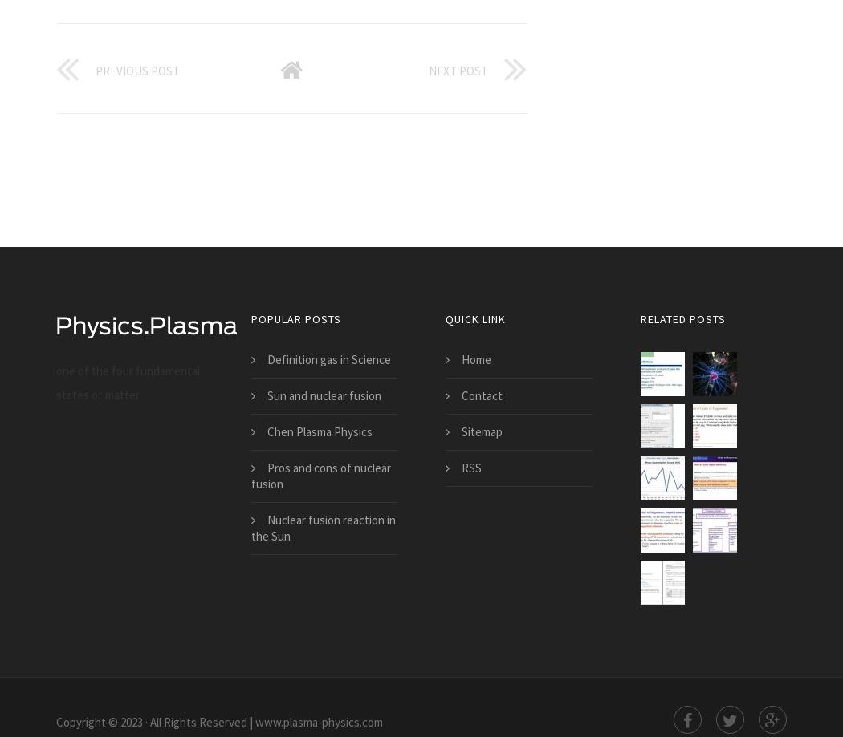  Describe the element at coordinates (323, 395) in the screenshot. I see `'Sun and nuclear fusion'` at that location.